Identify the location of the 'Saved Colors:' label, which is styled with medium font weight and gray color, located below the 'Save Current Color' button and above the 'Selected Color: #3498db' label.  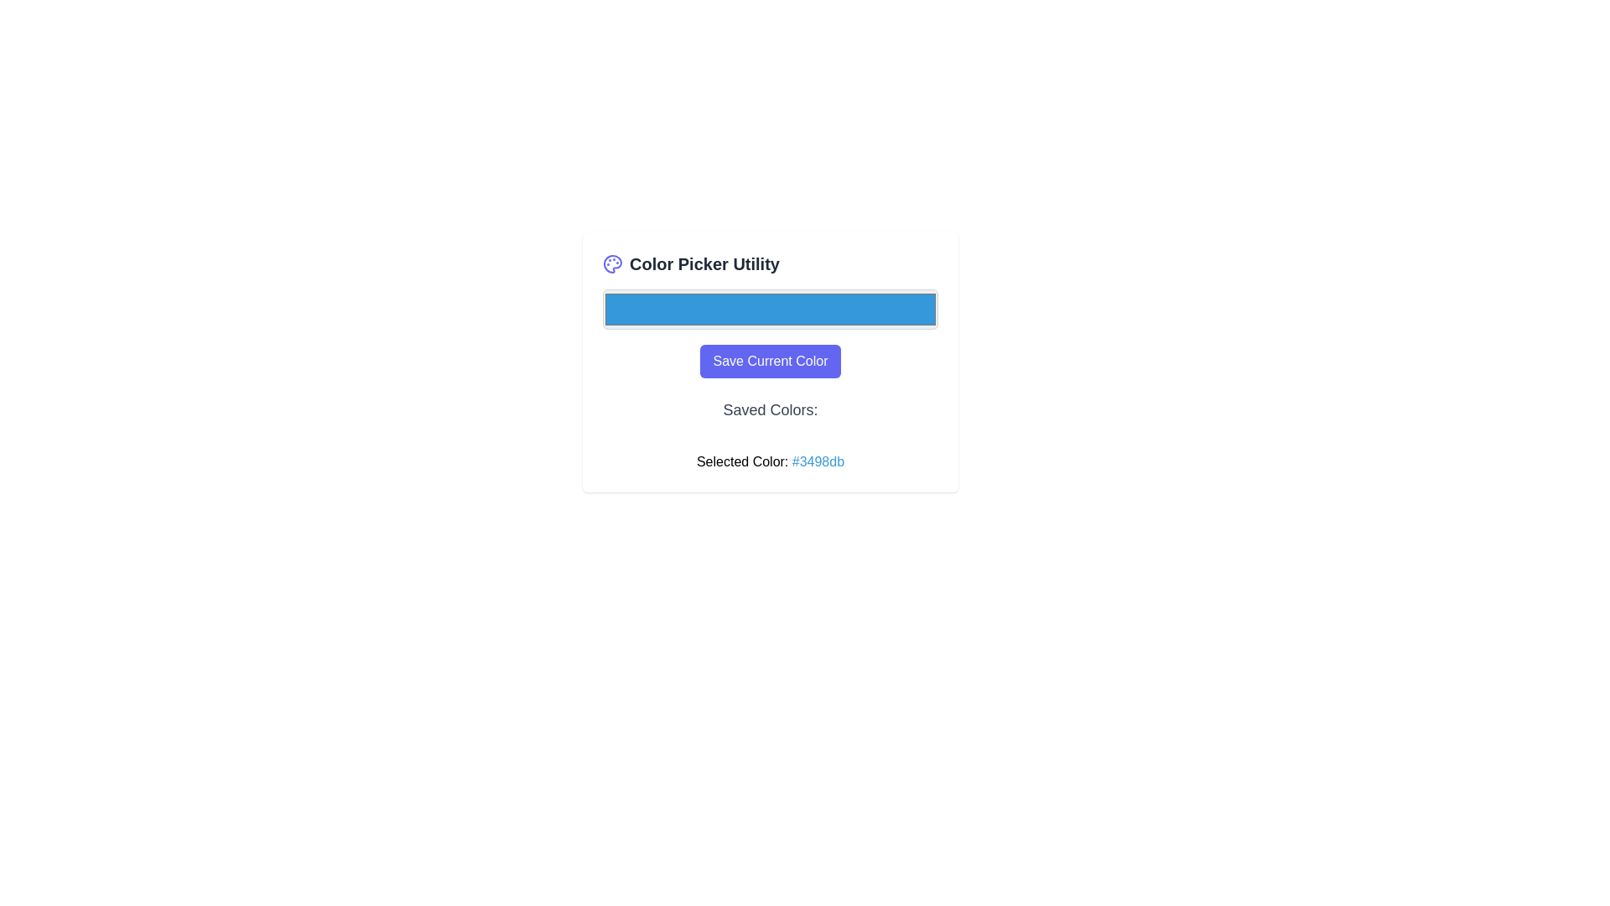
(769, 414).